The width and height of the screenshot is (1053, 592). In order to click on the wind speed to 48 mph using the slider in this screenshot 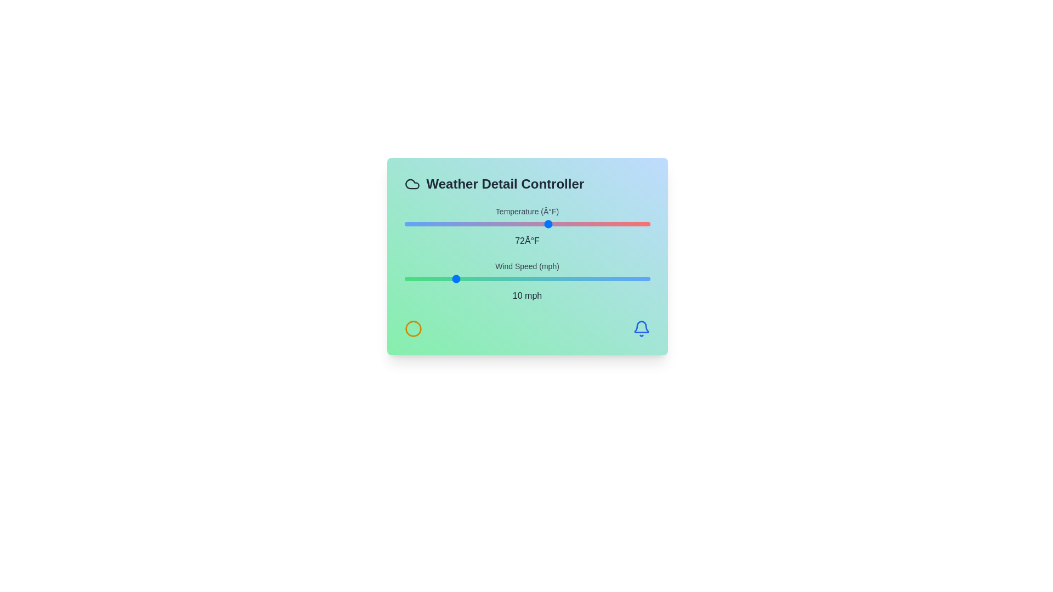, I will do `click(640, 278)`.